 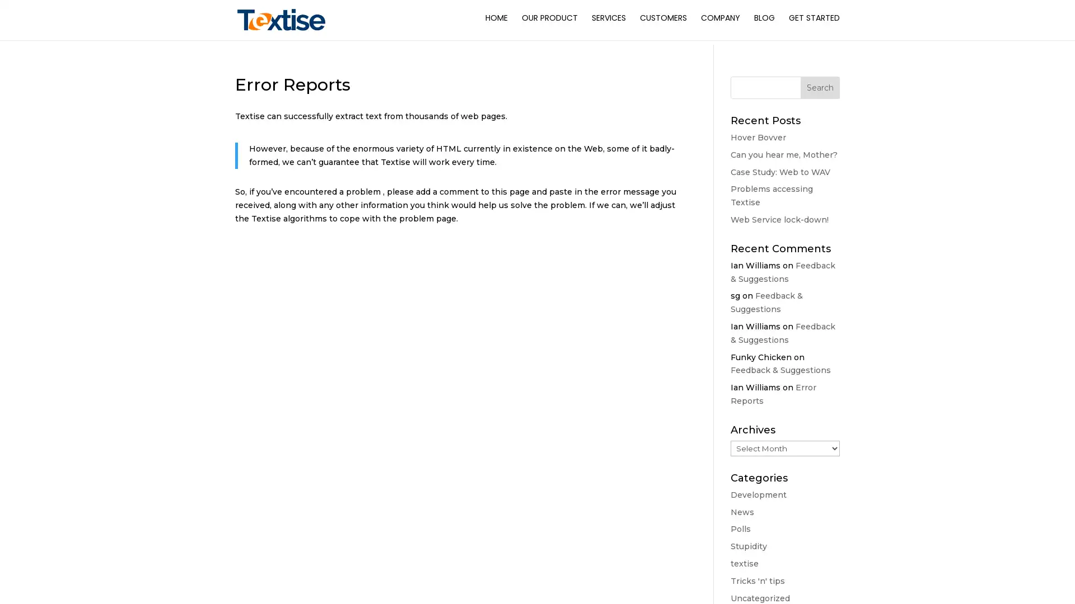 I want to click on Search, so click(x=820, y=84).